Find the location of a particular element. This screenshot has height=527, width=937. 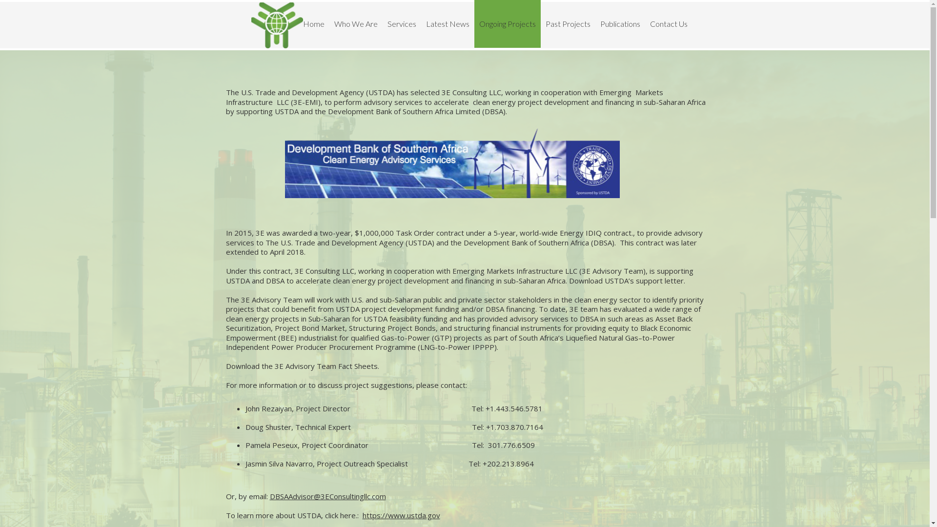

'Publications' is located at coordinates (596, 23).